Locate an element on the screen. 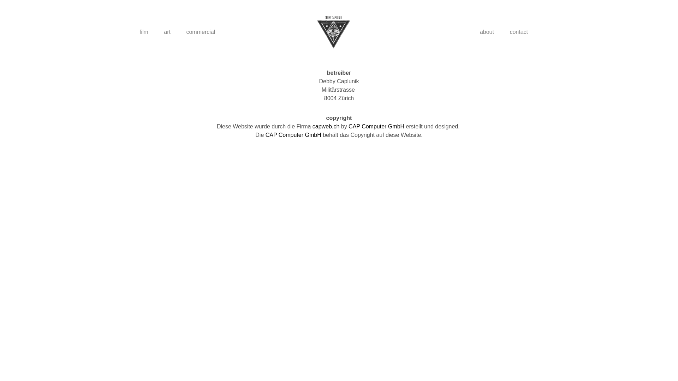  'art' is located at coordinates (156, 32).